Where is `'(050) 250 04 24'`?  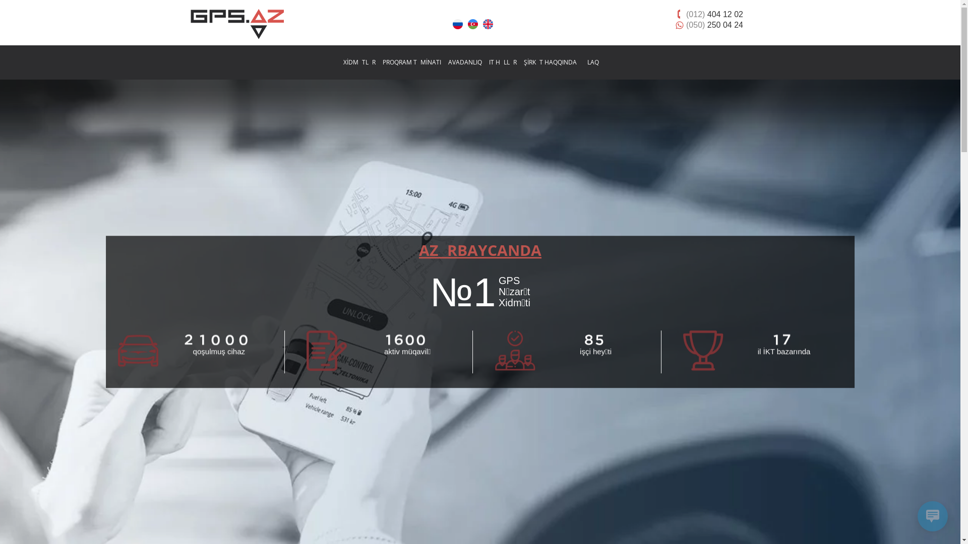 '(050) 250 04 24' is located at coordinates (714, 24).